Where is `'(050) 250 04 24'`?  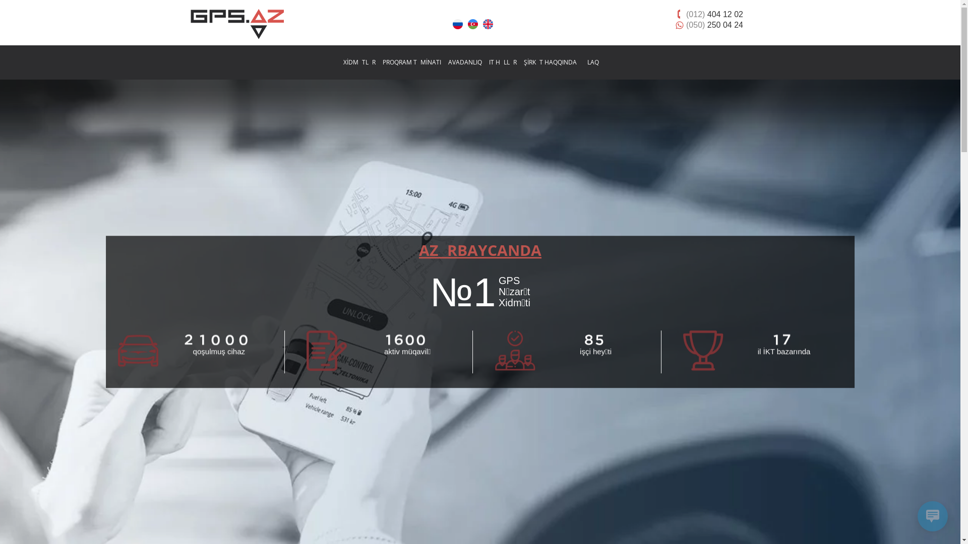 '(050) 250 04 24' is located at coordinates (714, 24).